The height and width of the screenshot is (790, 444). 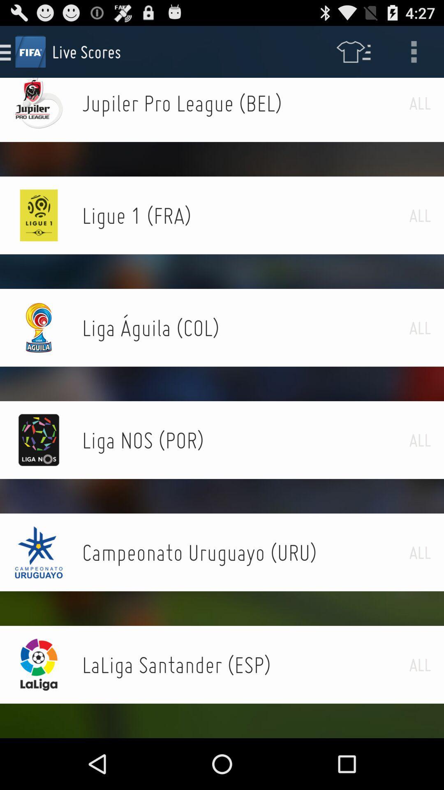 I want to click on item next to all item, so click(x=245, y=552).